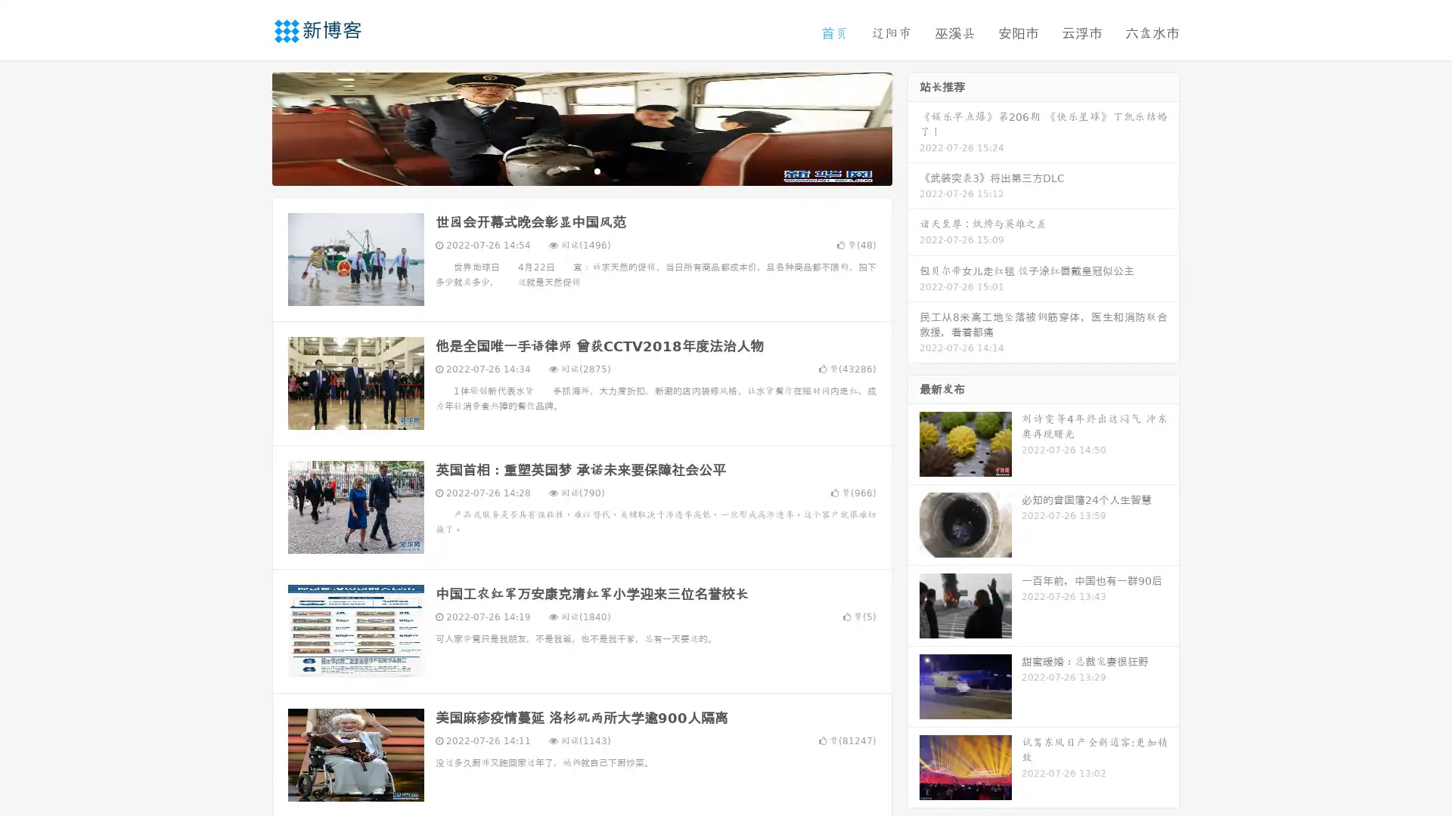  What do you see at coordinates (566, 170) in the screenshot?
I see `Go to slide 1` at bounding box center [566, 170].